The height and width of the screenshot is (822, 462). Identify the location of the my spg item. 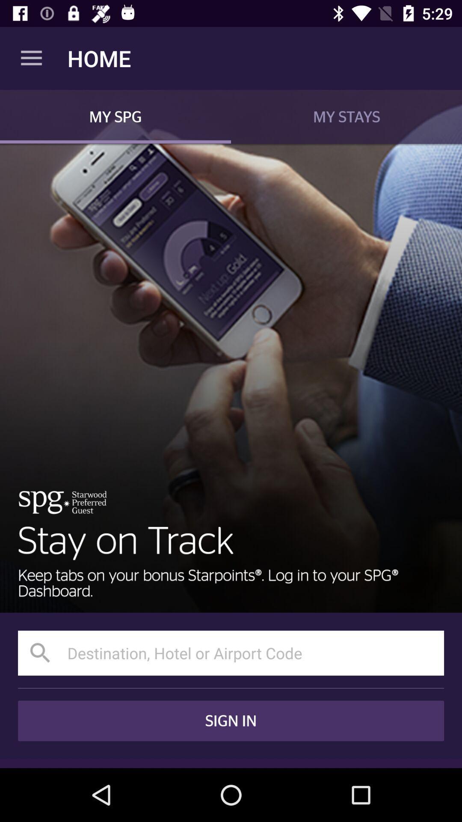
(115, 116).